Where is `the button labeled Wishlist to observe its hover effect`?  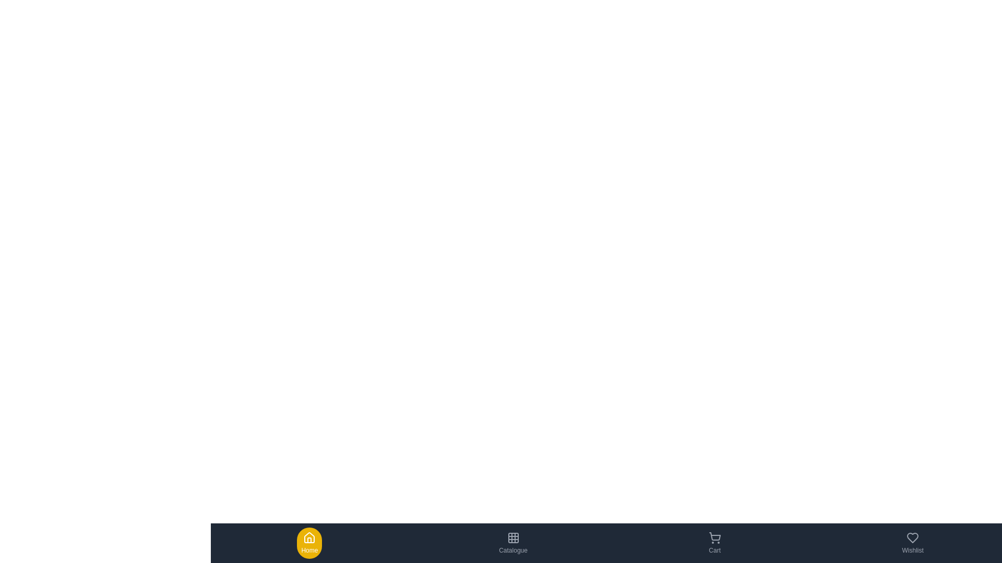
the button labeled Wishlist to observe its hover effect is located at coordinates (912, 542).